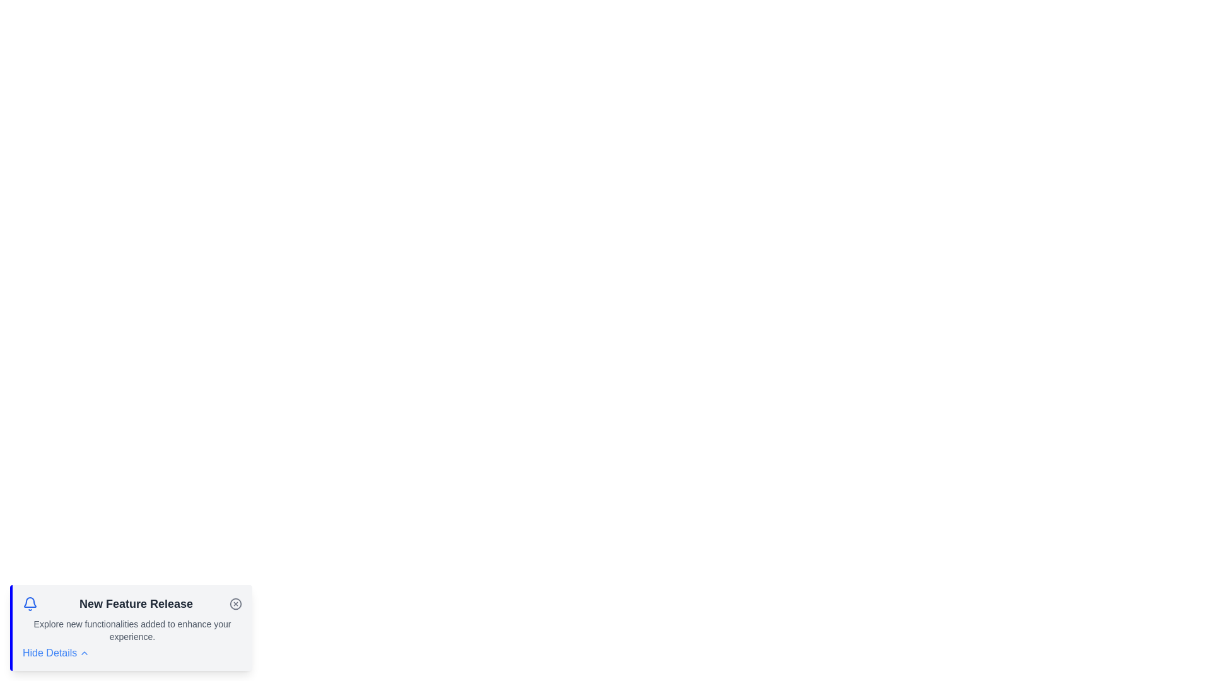 The width and height of the screenshot is (1211, 681). Describe the element at coordinates (236, 603) in the screenshot. I see `the dismiss button to remove the notification` at that location.